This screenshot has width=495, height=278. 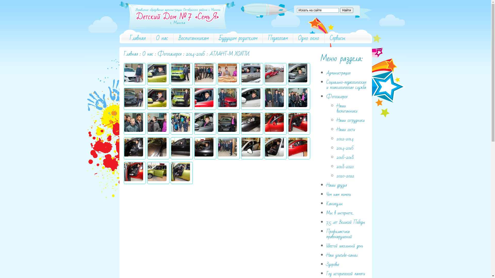 I want to click on '2018-2020', so click(x=345, y=167).